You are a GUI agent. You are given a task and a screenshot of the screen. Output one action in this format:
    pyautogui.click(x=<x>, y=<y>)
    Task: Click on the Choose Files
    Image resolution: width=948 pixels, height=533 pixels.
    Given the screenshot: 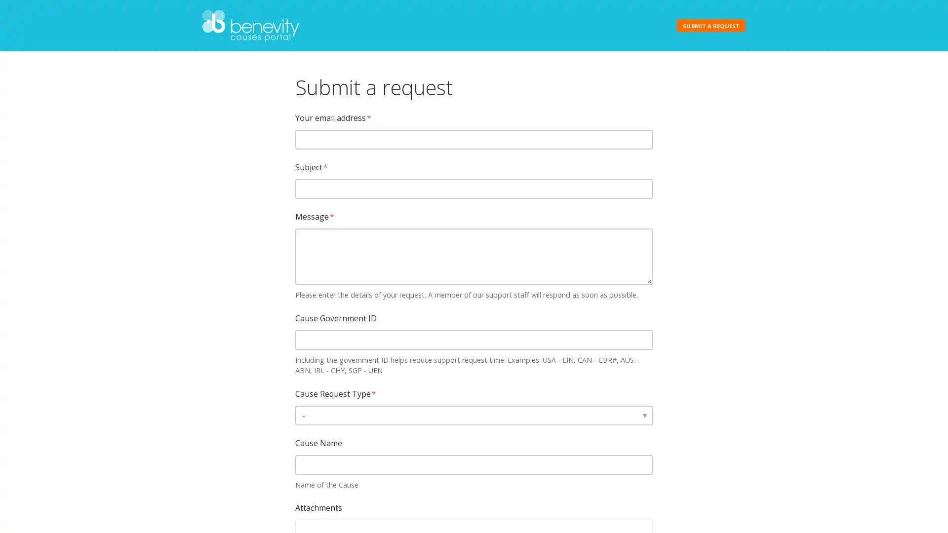 What is the action you would take?
    pyautogui.click(x=317, y=525)
    